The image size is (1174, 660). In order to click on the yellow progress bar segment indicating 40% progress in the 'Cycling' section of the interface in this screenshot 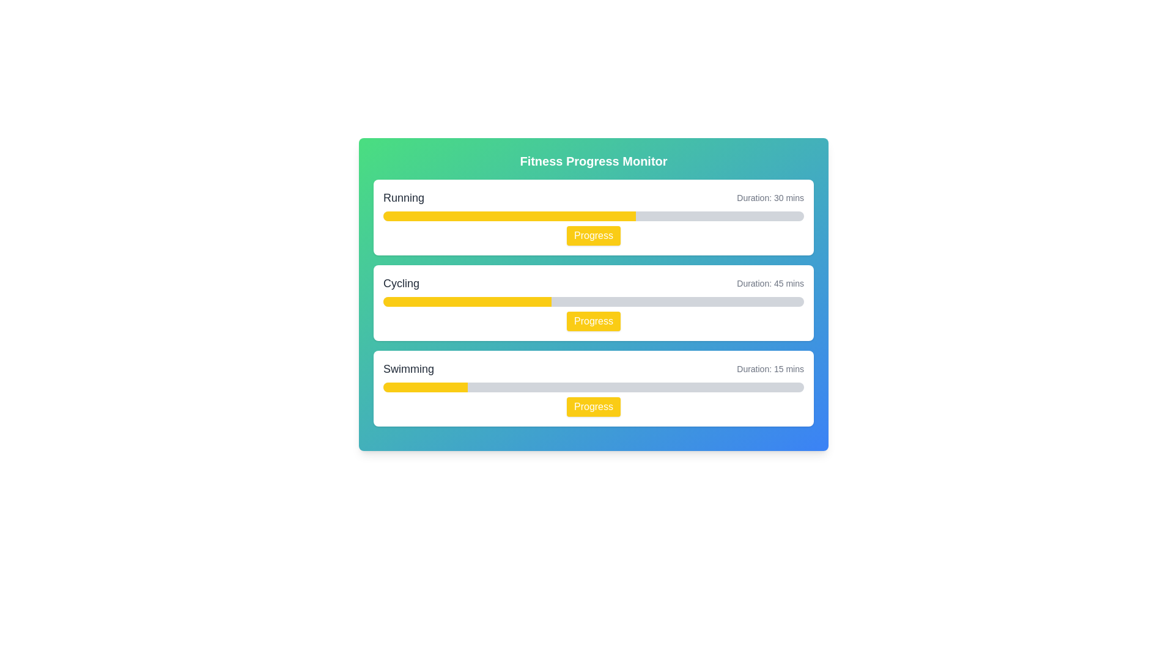, I will do `click(467, 301)`.